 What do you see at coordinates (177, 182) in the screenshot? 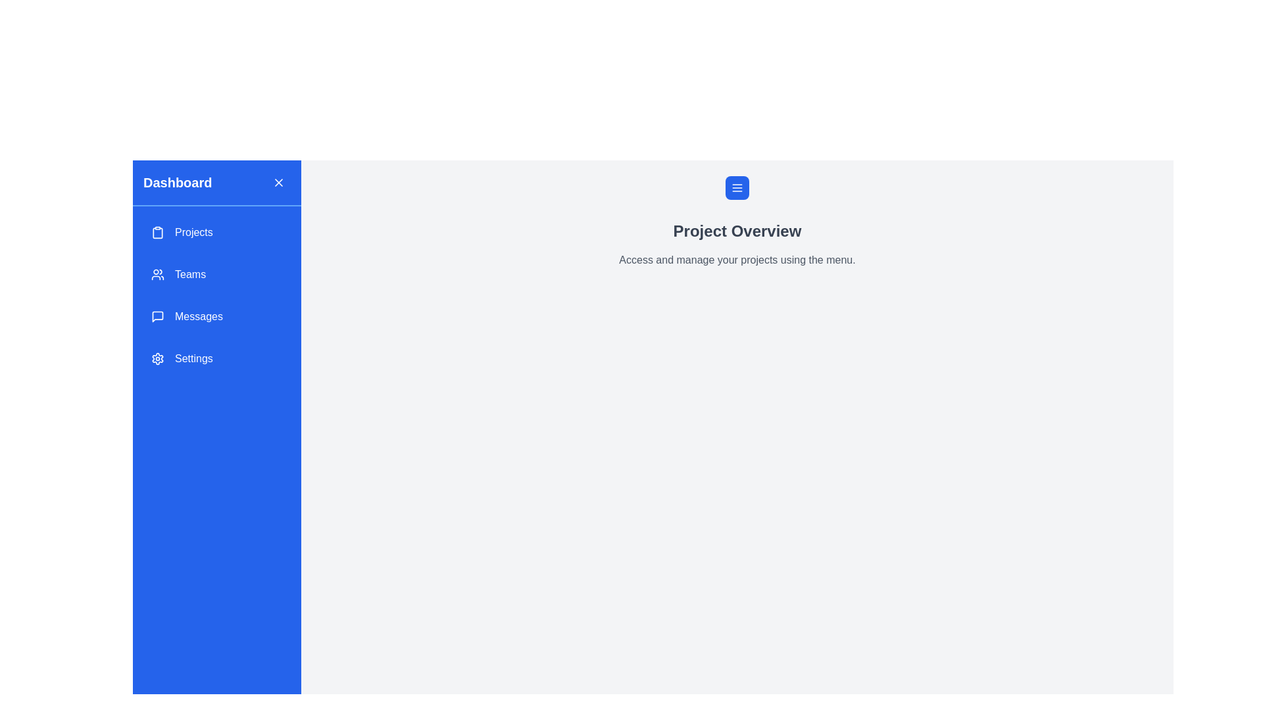
I see `the text label indicating the active section of the dashboard, located at the top-left corner of the interface` at bounding box center [177, 182].